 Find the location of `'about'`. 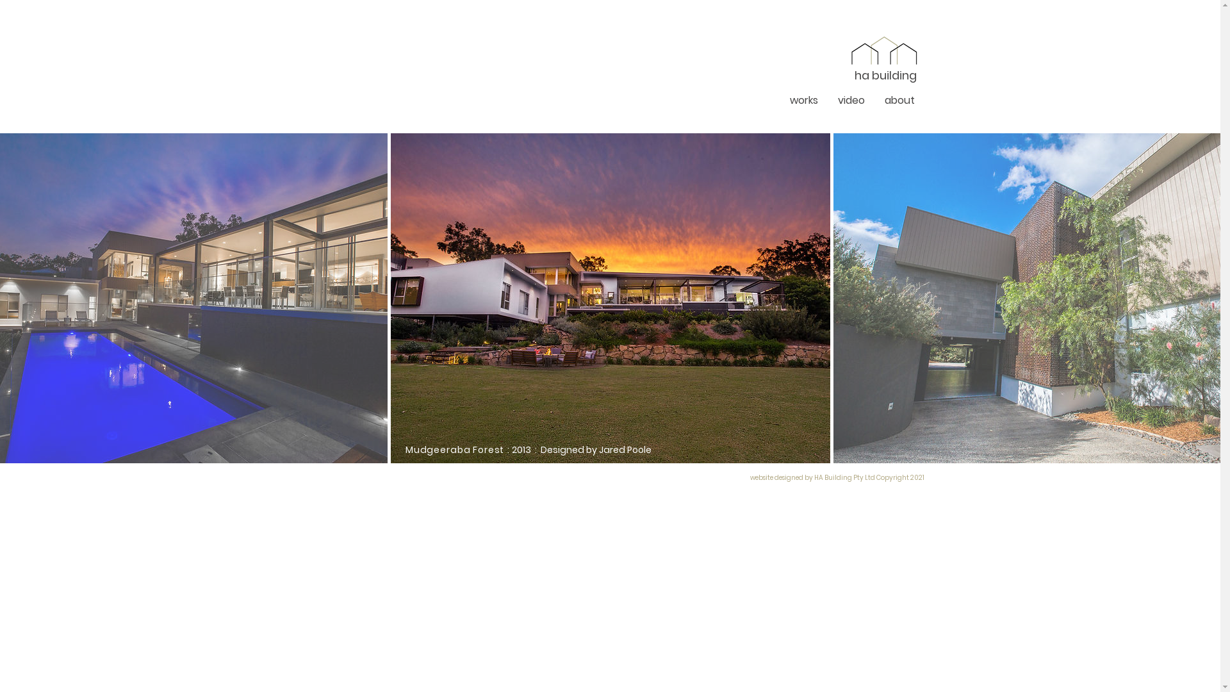

'about' is located at coordinates (899, 99).